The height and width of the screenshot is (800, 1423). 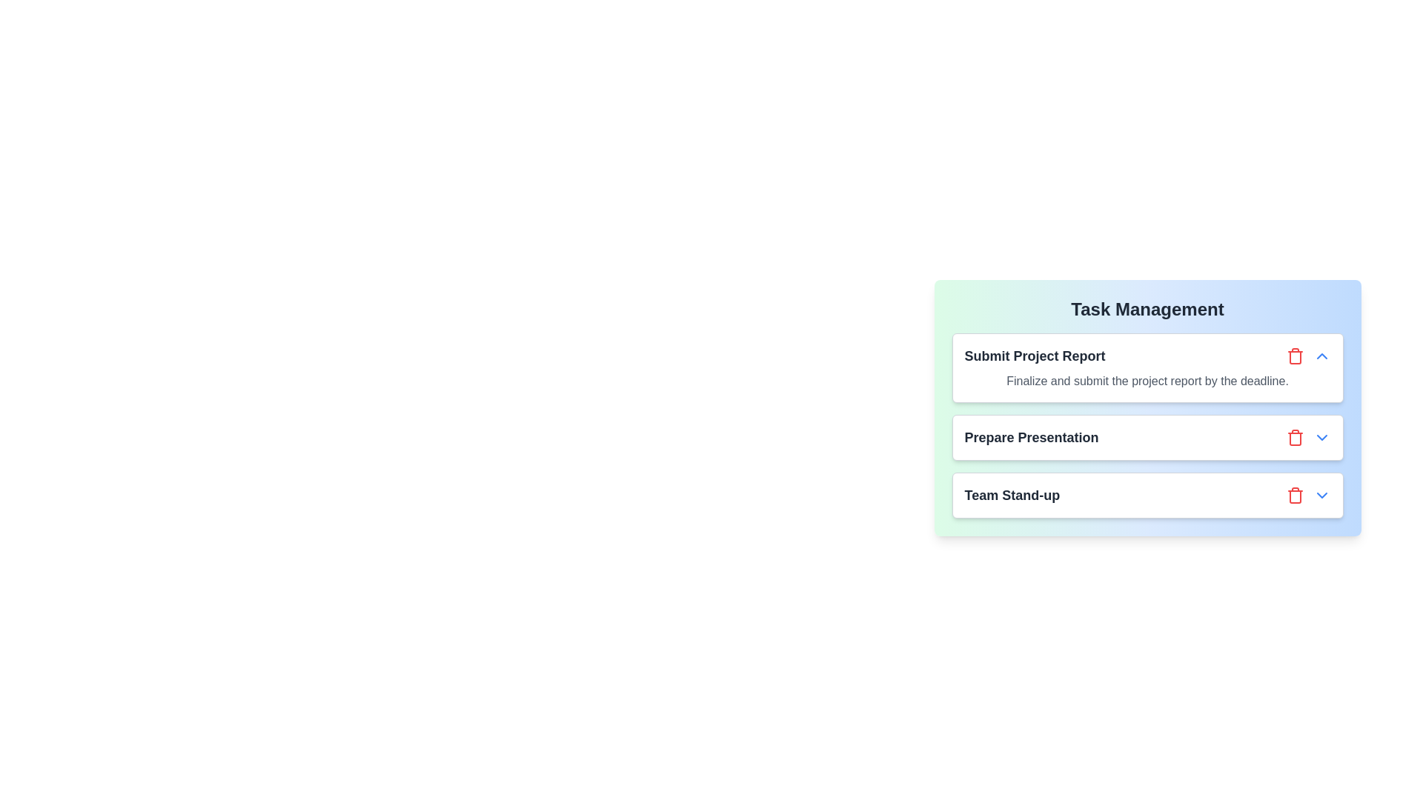 What do you see at coordinates (1147, 367) in the screenshot?
I see `task description from the Task card indicating the project report submission in the task management interface, which is the first card in the vertical list under 'Task Management'` at bounding box center [1147, 367].